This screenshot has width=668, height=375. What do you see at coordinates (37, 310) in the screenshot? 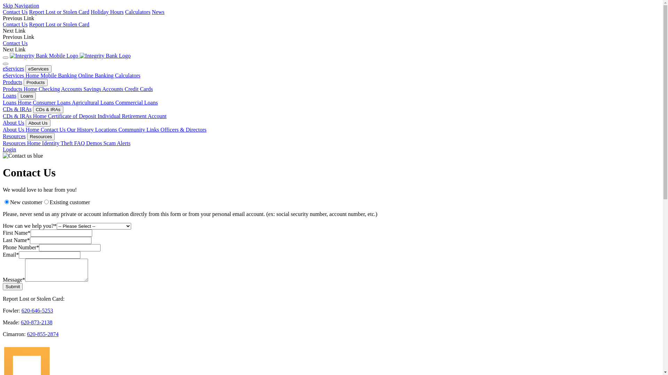
I see `'620-646-5253'` at bounding box center [37, 310].